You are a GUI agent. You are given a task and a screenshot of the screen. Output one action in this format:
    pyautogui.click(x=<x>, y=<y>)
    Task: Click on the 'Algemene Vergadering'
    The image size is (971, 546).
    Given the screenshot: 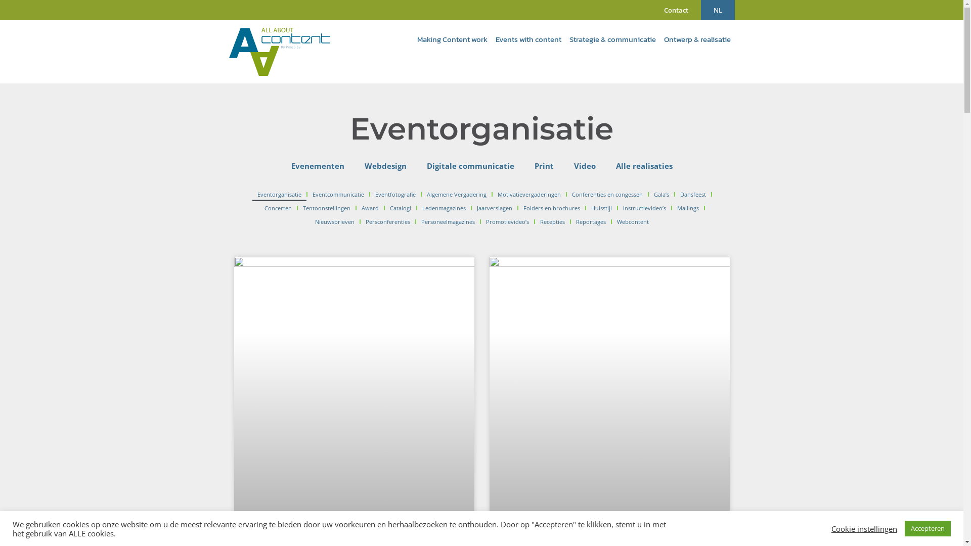 What is the action you would take?
    pyautogui.click(x=421, y=194)
    